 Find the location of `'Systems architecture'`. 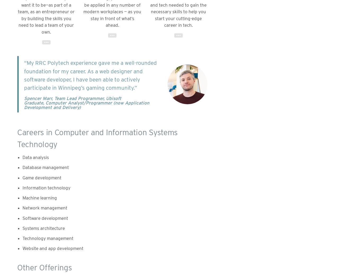

'Systems architecture' is located at coordinates (22, 228).